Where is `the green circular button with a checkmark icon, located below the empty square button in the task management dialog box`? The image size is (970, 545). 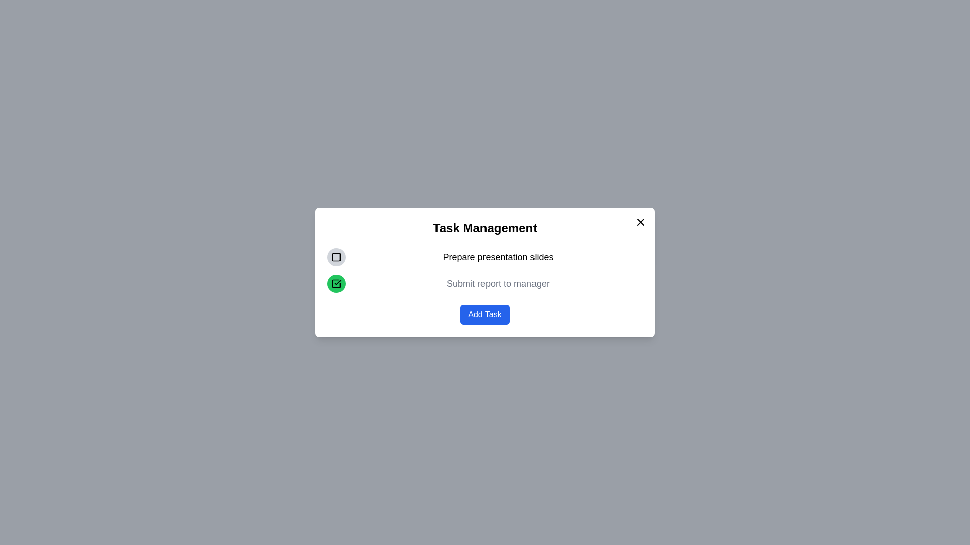
the green circular button with a checkmark icon, located below the empty square button in the task management dialog box is located at coordinates (336, 284).